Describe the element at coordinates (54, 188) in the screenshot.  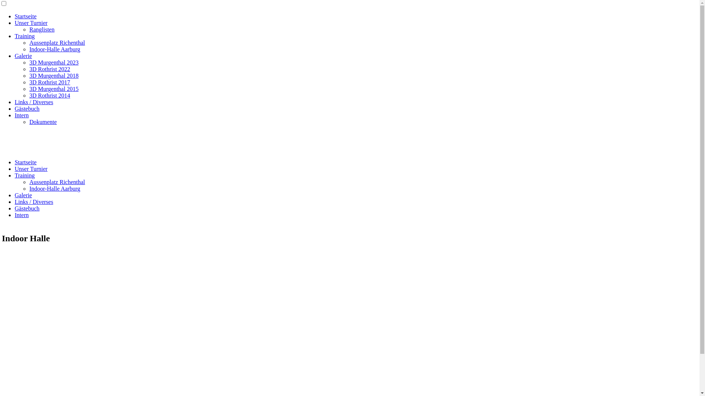
I see `'Indoor-Halle Aarburg'` at that location.